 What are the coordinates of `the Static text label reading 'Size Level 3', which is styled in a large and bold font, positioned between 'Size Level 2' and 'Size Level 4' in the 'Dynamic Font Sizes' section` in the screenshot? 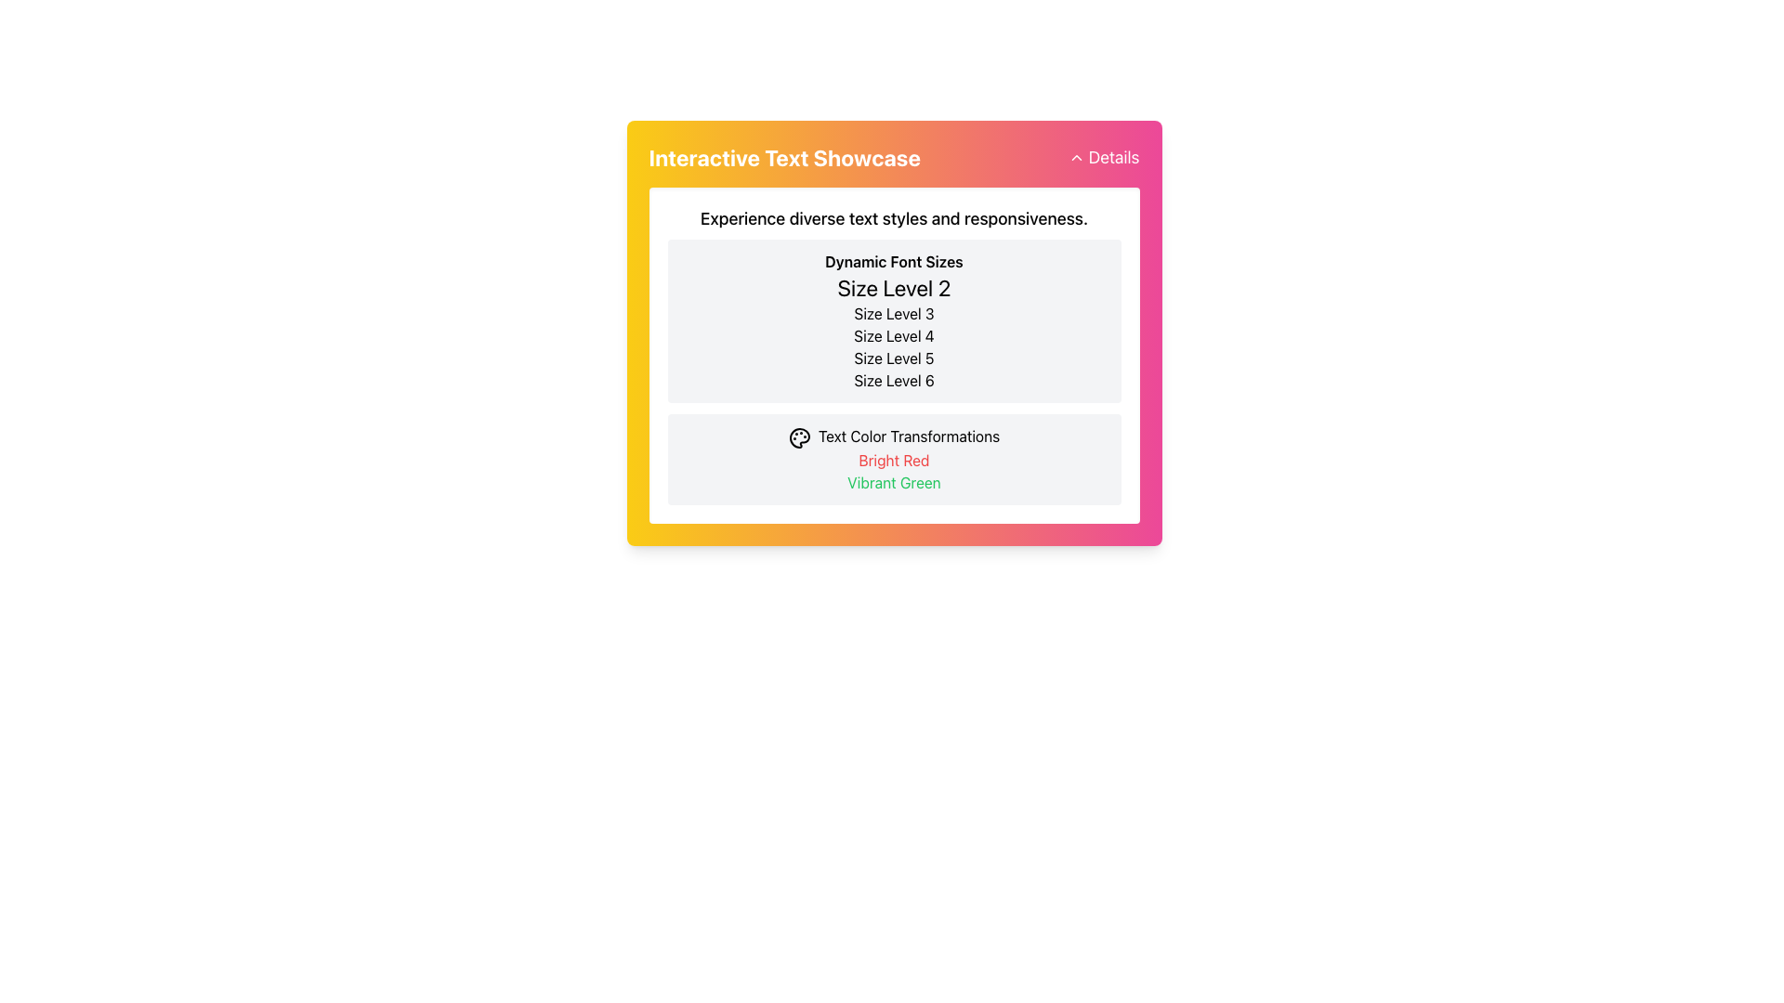 It's located at (894, 313).